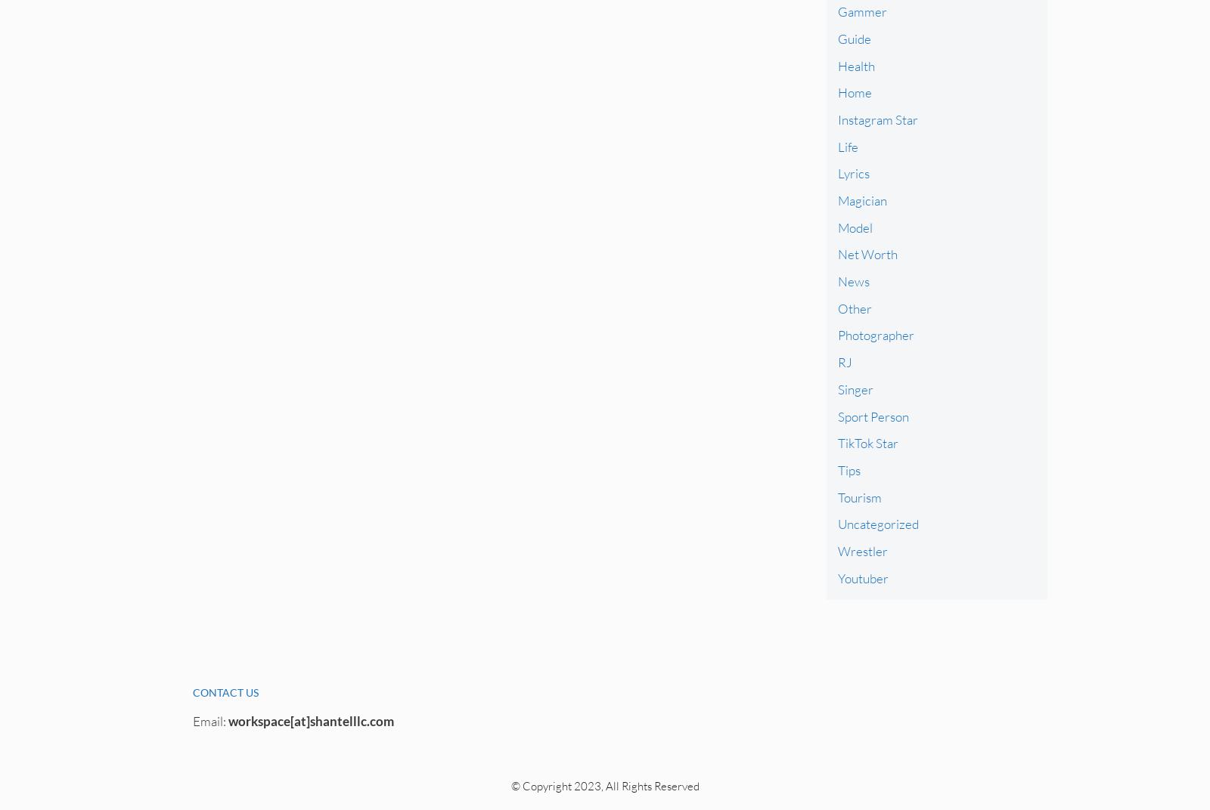  Describe the element at coordinates (861, 200) in the screenshot. I see `'Magician'` at that location.